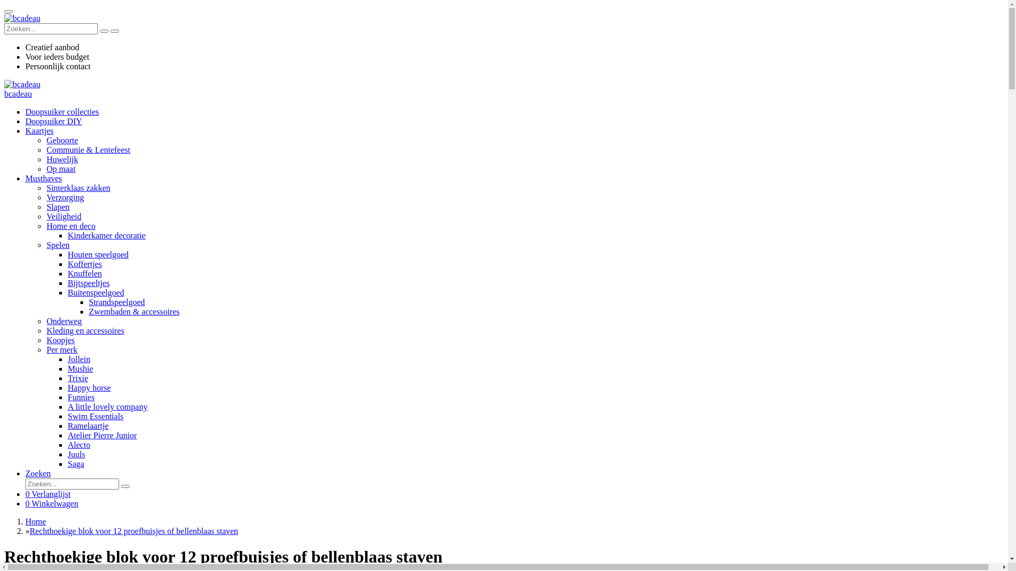 Image resolution: width=1016 pixels, height=571 pixels. I want to click on 'Bijtspeeltjes', so click(88, 282).